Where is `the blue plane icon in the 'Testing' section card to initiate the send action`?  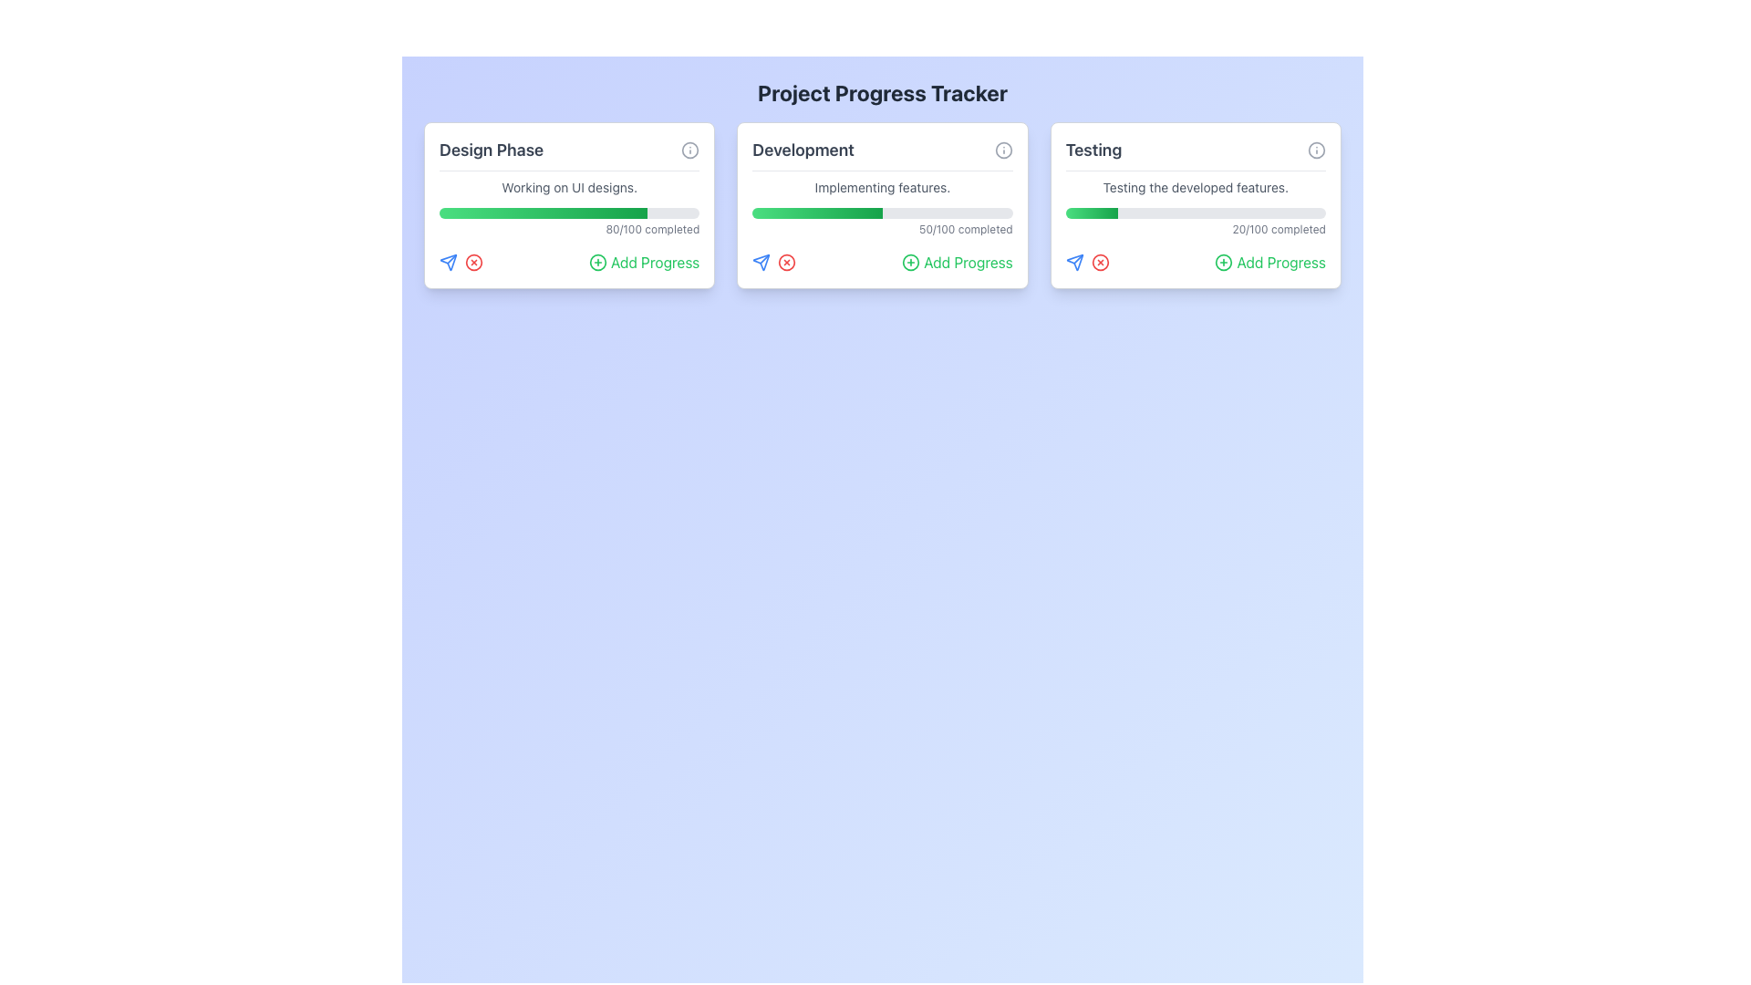 the blue plane icon in the 'Testing' section card to initiate the send action is located at coordinates (1087, 263).